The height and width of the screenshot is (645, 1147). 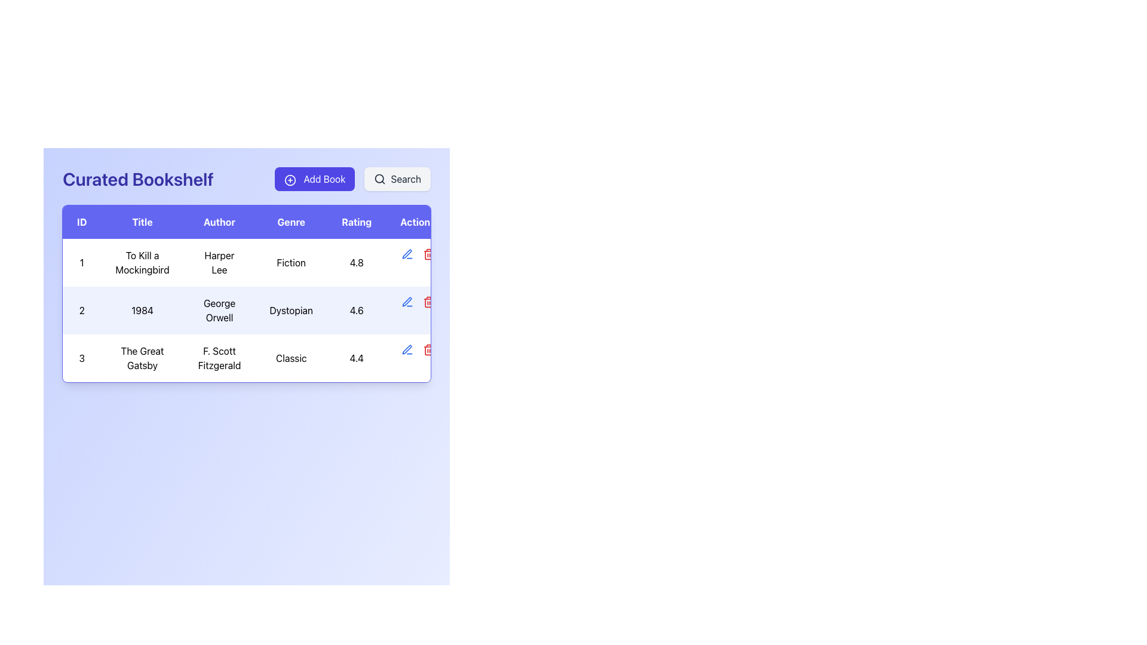 I want to click on the Icon Button in the 'Action' column of the second row, so click(x=407, y=253).